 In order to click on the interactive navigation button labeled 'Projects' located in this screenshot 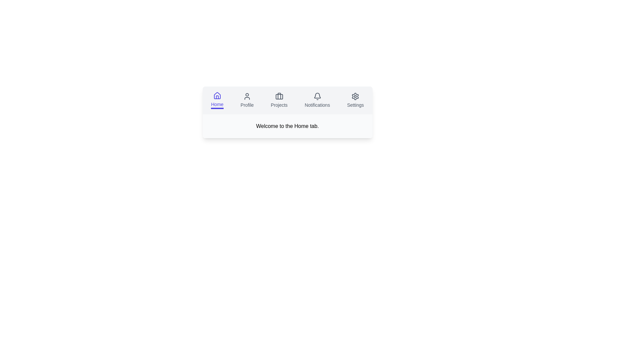, I will do `click(279, 100)`.